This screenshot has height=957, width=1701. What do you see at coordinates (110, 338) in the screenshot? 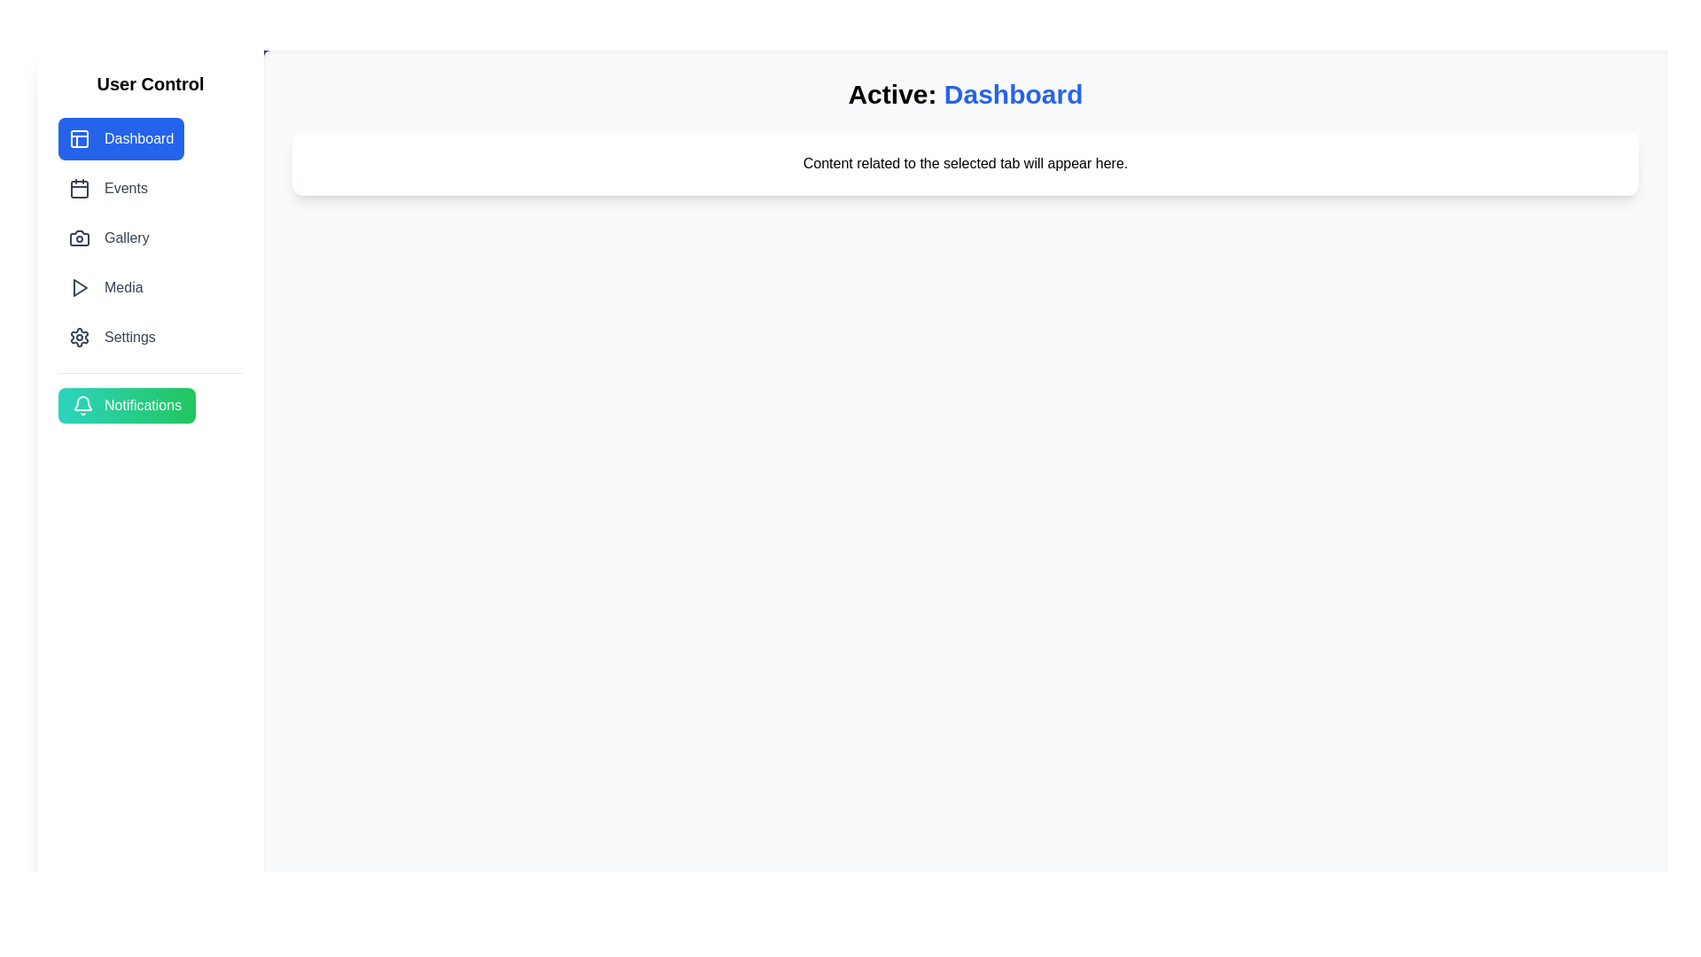
I see `the tab labeled Settings to navigate to it` at bounding box center [110, 338].